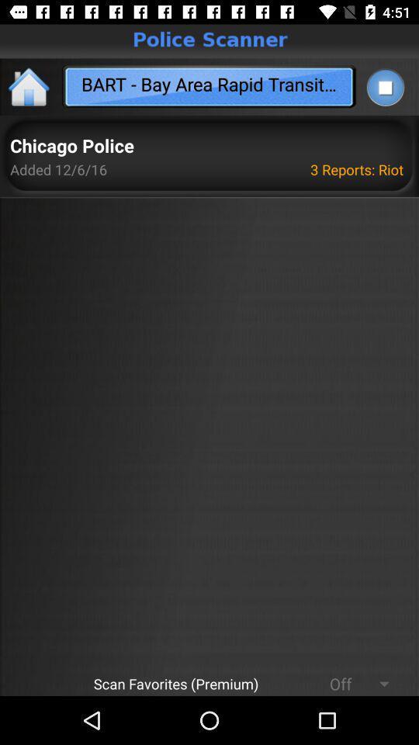 The height and width of the screenshot is (745, 419). Describe the element at coordinates (384, 87) in the screenshot. I see `the item to the right of bart bay area item` at that location.